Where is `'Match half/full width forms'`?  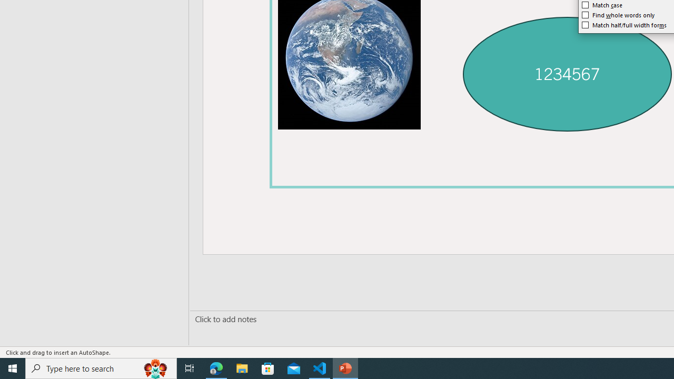 'Match half/full width forms' is located at coordinates (625, 25).